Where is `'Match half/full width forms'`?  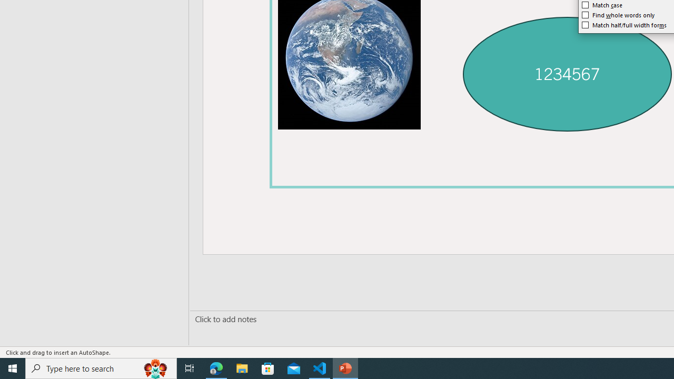 'Match half/full width forms' is located at coordinates (625, 25).